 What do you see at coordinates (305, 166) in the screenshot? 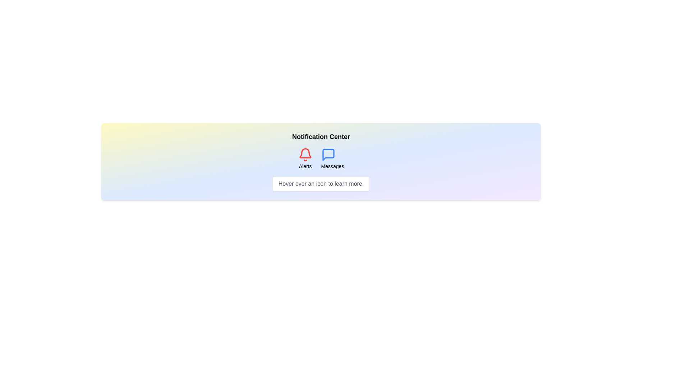
I see `the text label displaying 'Alerts', which is positioned directly beneath a red bell icon` at bounding box center [305, 166].